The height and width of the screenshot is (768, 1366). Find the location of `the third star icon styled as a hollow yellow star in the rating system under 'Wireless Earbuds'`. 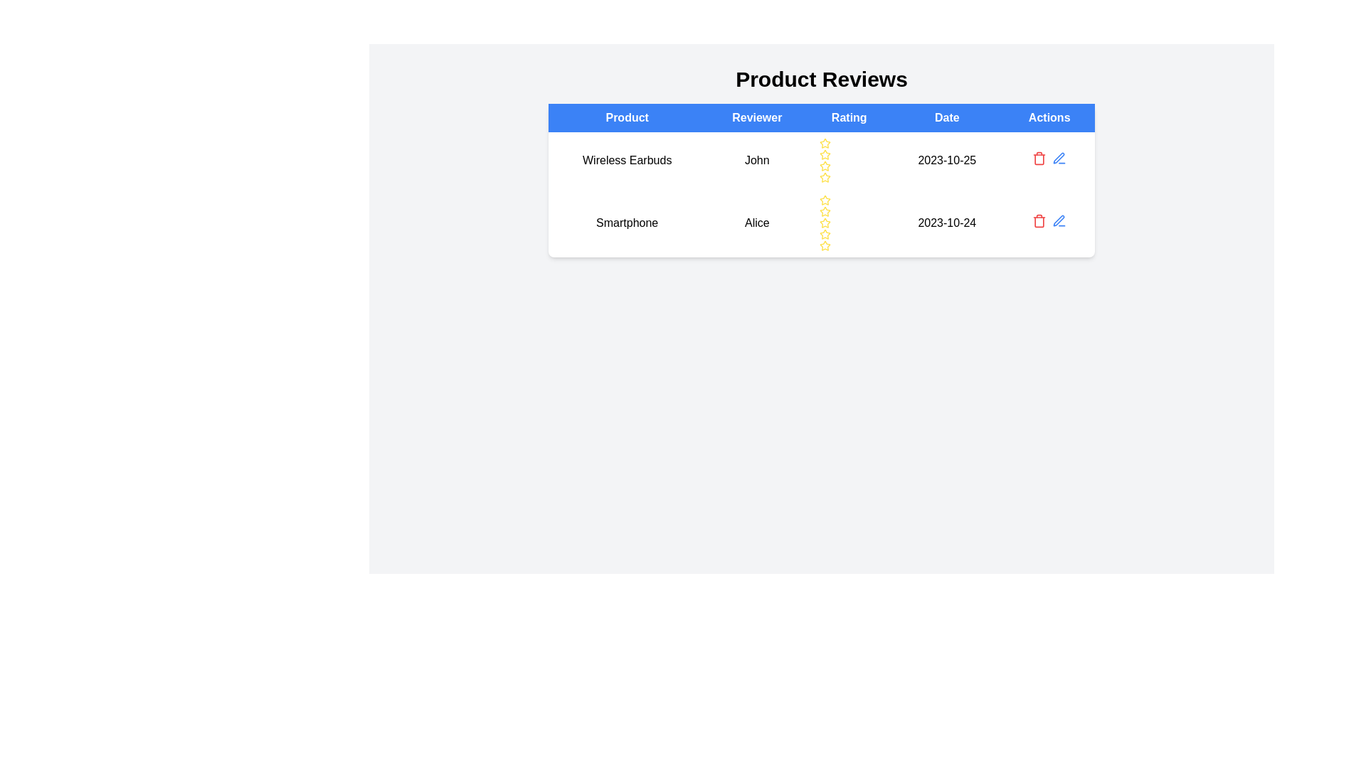

the third star icon styled as a hollow yellow star in the rating system under 'Wireless Earbuds' is located at coordinates (825, 155).